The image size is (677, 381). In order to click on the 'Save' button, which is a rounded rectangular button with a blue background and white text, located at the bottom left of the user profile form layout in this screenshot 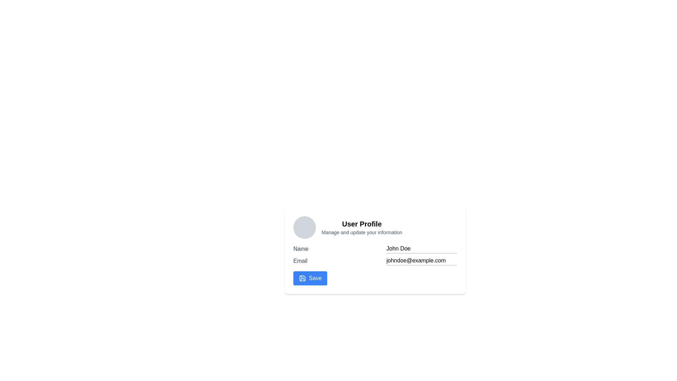, I will do `click(310, 278)`.